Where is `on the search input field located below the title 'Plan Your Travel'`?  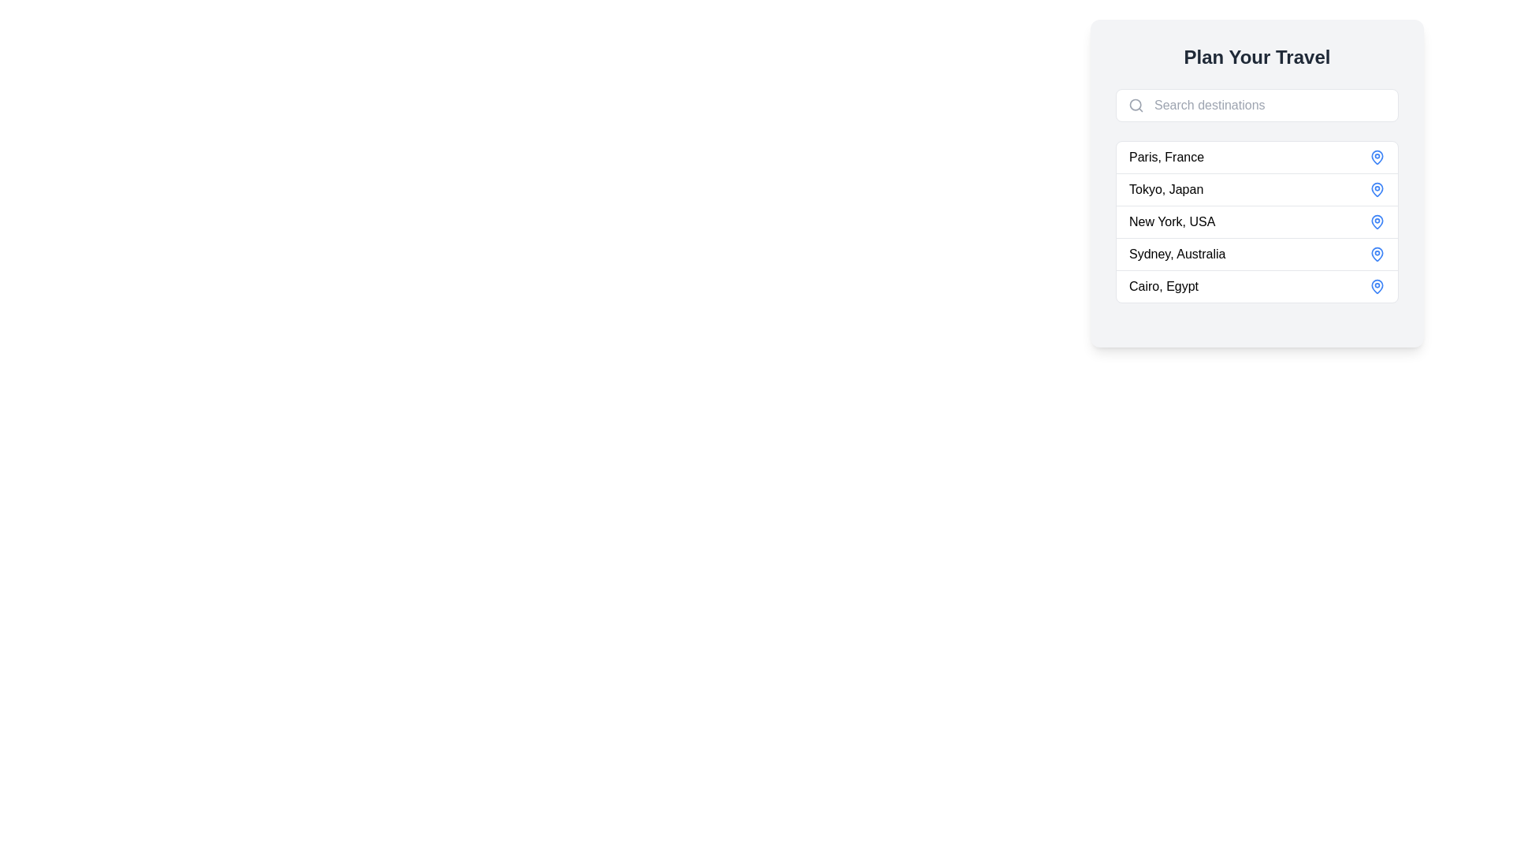 on the search input field located below the title 'Plan Your Travel' is located at coordinates (1256, 106).